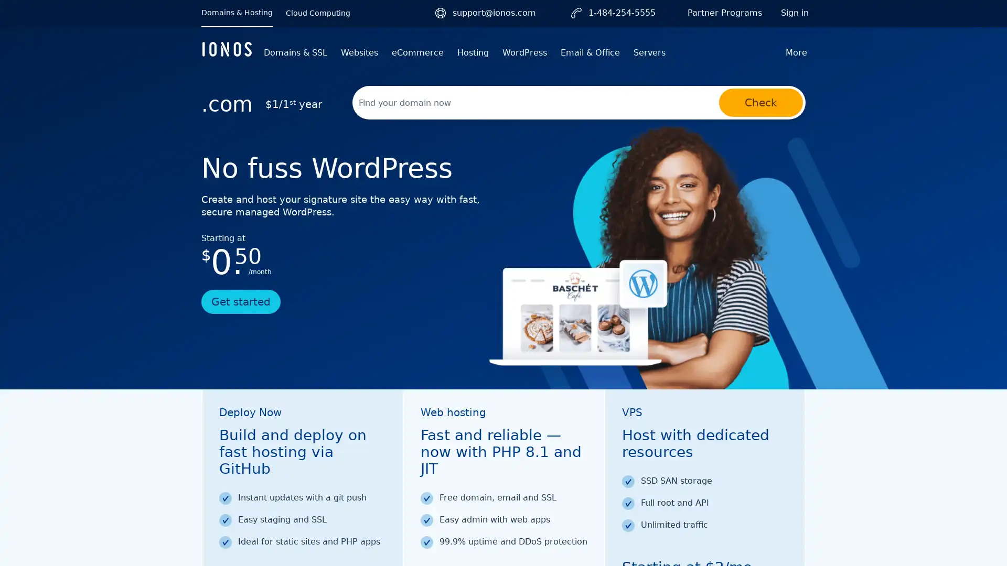 Image resolution: width=1007 pixels, height=566 pixels. What do you see at coordinates (295, 52) in the screenshot?
I see `Domains & SSL` at bounding box center [295, 52].